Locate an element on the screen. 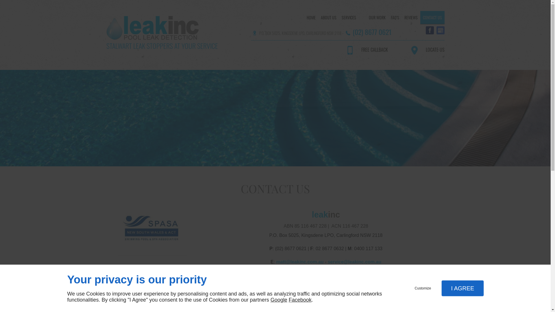  'REVIEWS' is located at coordinates (410, 17).